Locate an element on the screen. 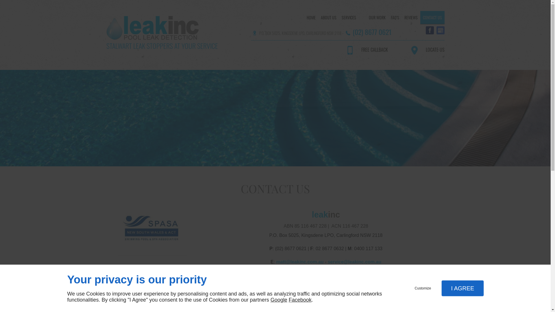  'REVIEWS' is located at coordinates (410, 17).